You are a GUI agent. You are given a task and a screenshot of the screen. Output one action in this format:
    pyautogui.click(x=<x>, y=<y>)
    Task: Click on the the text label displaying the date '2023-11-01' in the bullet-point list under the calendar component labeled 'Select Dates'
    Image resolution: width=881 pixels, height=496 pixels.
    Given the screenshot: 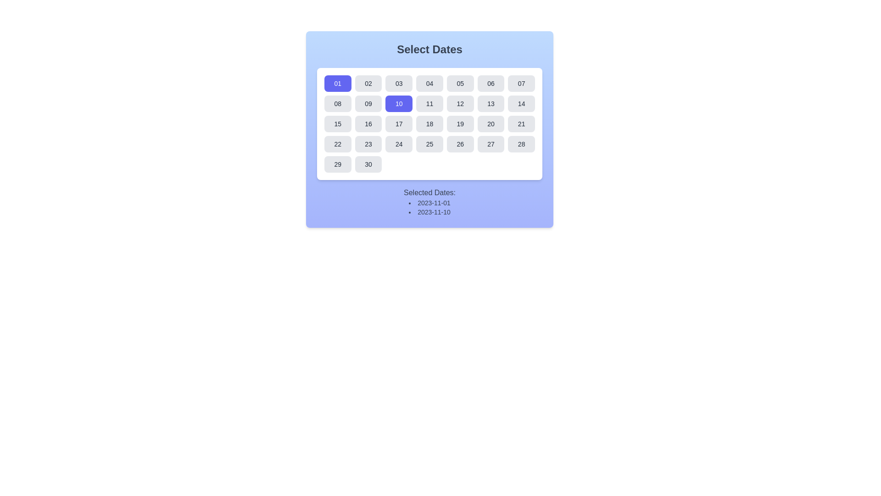 What is the action you would take?
    pyautogui.click(x=429, y=203)
    